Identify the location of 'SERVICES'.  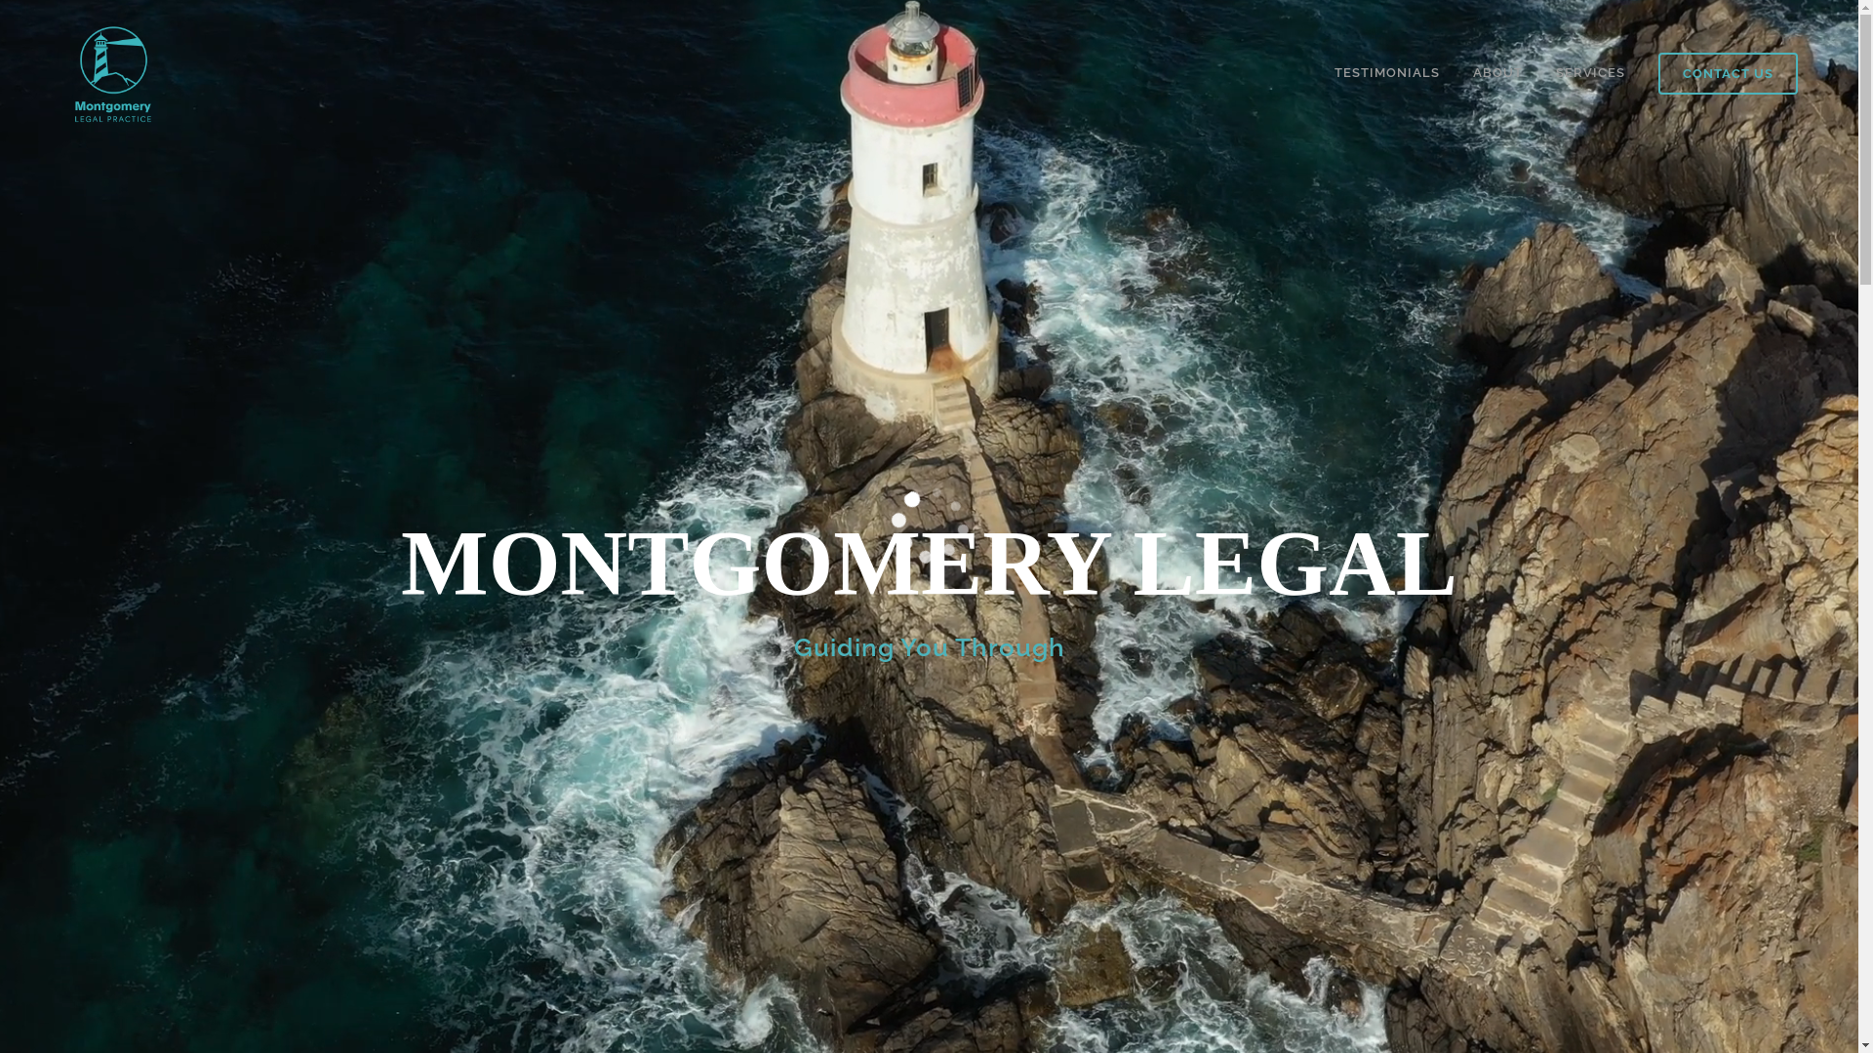
(1590, 71).